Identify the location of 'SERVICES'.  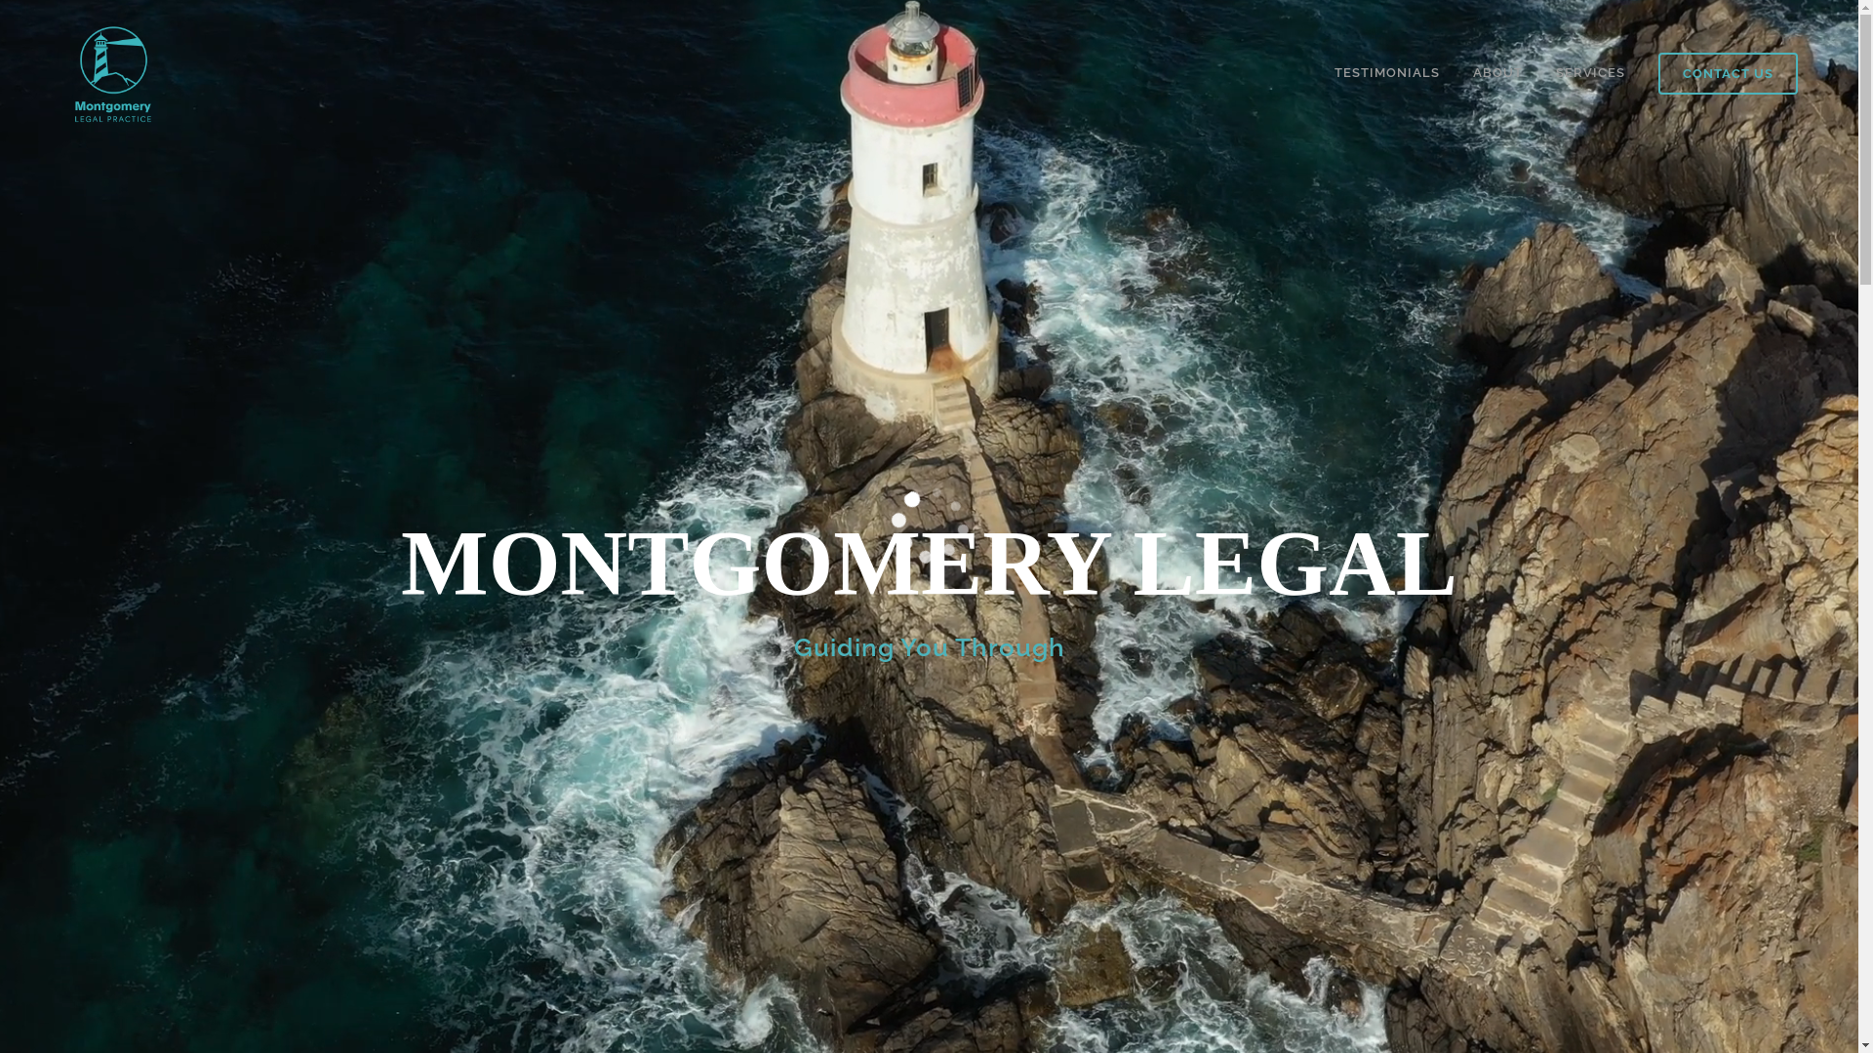
(1590, 71).